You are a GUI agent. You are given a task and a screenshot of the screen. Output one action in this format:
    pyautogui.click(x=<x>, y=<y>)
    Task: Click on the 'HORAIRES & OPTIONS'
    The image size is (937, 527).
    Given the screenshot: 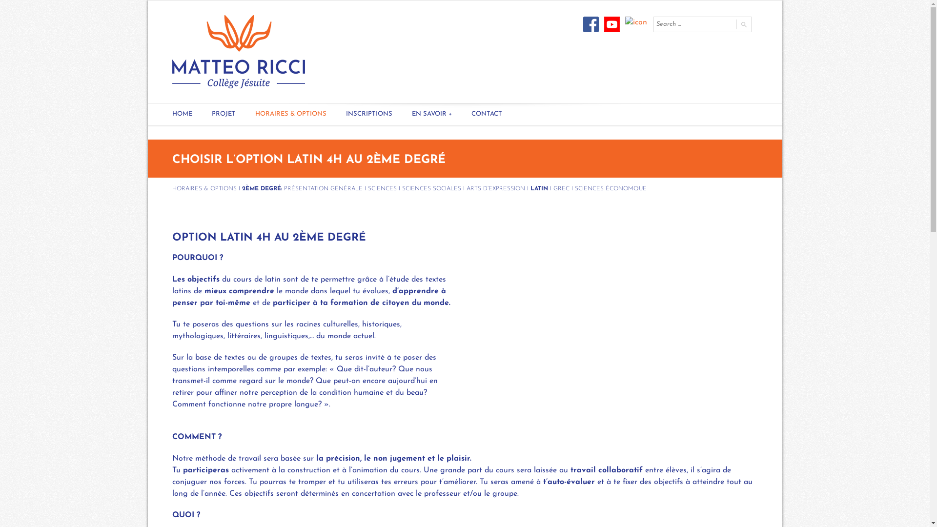 What is the action you would take?
    pyautogui.click(x=203, y=188)
    